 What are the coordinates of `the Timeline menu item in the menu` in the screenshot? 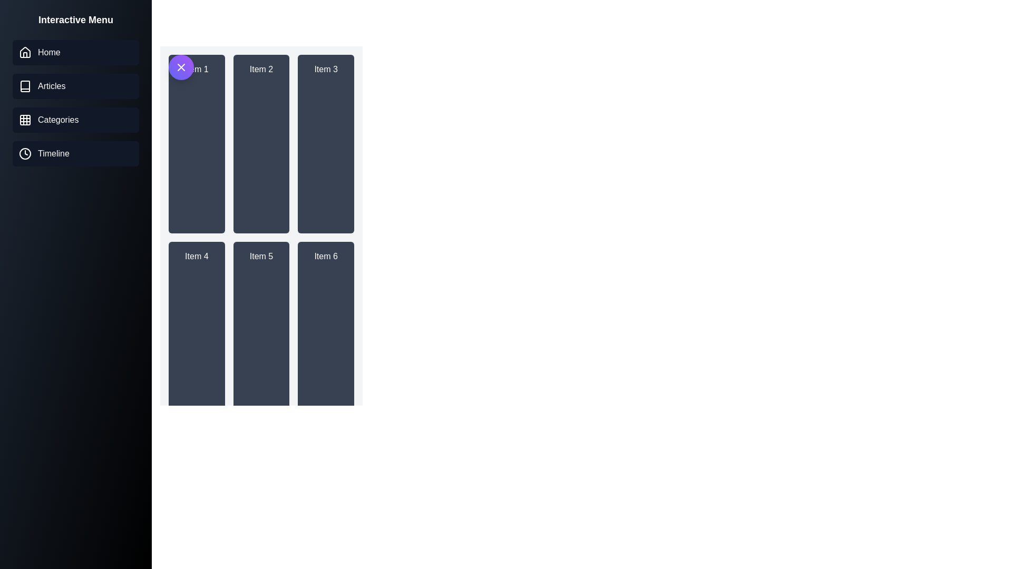 It's located at (75, 154).